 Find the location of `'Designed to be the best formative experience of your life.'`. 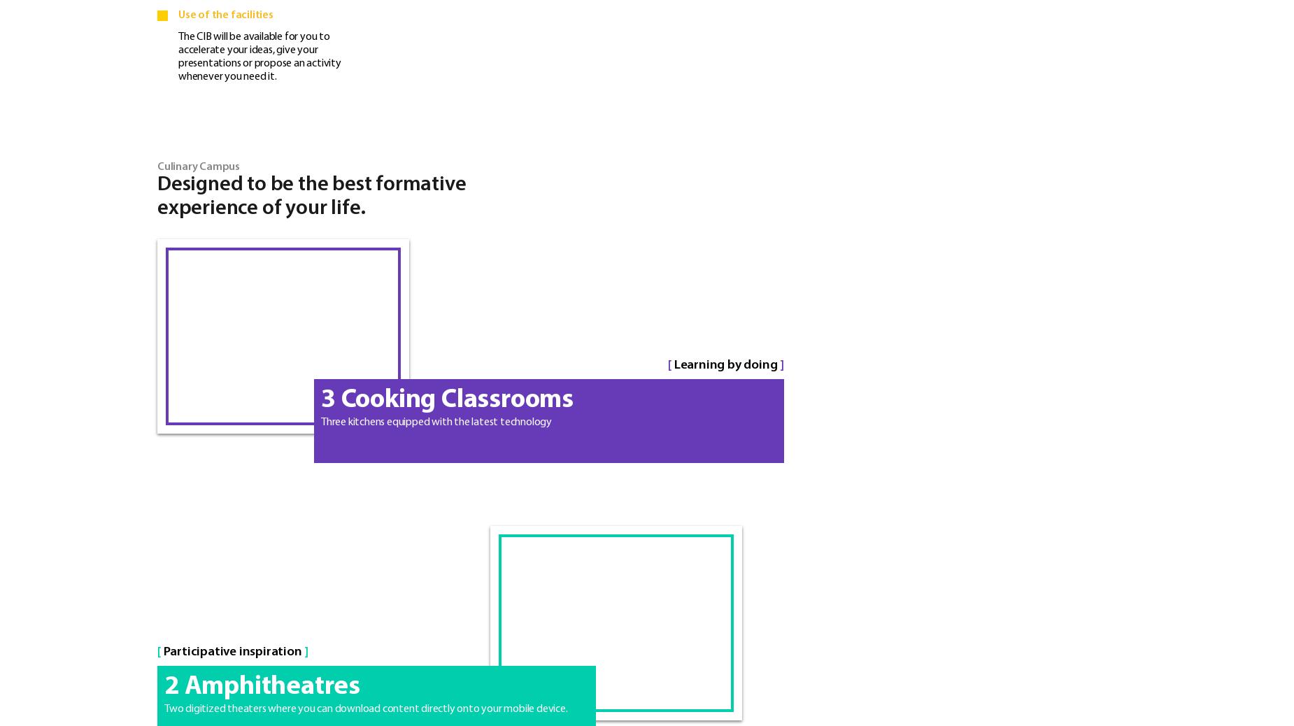

'Designed to be the best formative experience of your life.' is located at coordinates (311, 196).